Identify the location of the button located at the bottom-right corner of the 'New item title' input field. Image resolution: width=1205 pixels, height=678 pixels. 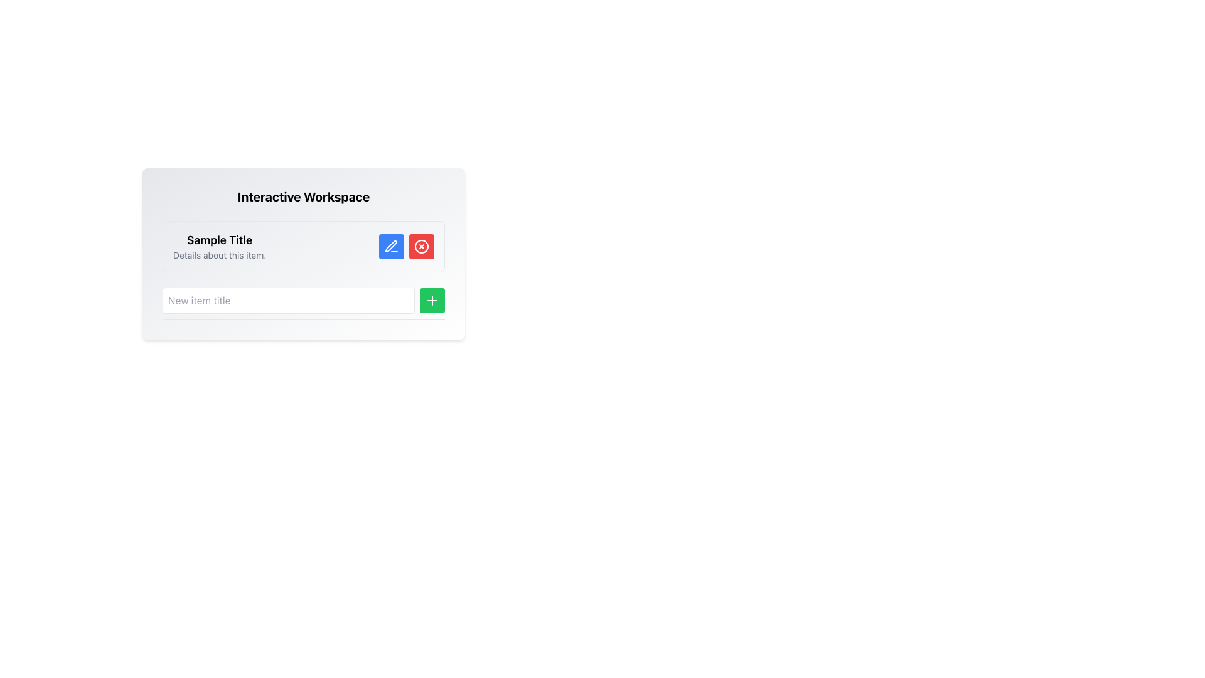
(432, 300).